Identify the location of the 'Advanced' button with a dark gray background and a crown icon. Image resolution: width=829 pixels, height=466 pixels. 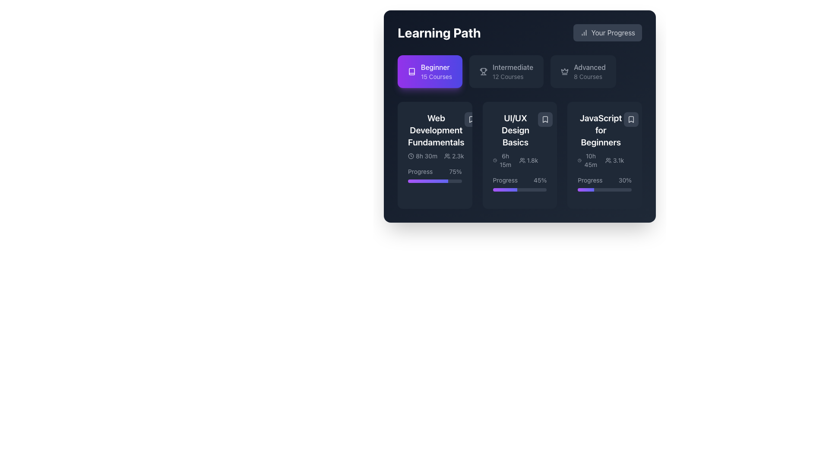
(583, 71).